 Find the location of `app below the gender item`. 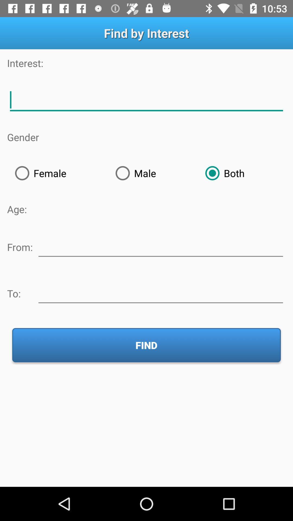

app below the gender item is located at coordinates (57, 173).